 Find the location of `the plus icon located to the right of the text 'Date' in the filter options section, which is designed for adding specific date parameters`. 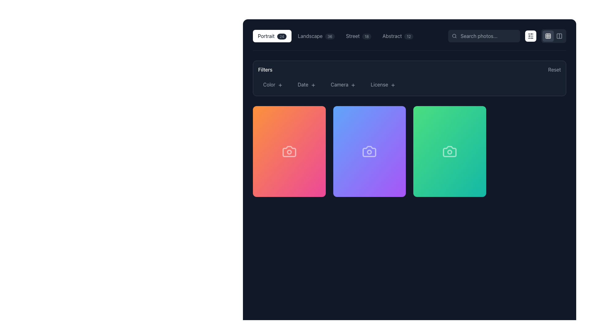

the plus icon located to the right of the text 'Date' in the filter options section, which is designed for adding specific date parameters is located at coordinates (313, 85).